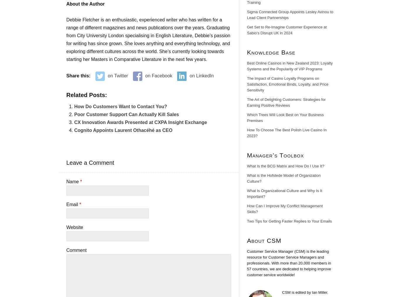 The image size is (400, 297). What do you see at coordinates (275, 155) in the screenshot?
I see `'Manager’s Toolbox'` at bounding box center [275, 155].